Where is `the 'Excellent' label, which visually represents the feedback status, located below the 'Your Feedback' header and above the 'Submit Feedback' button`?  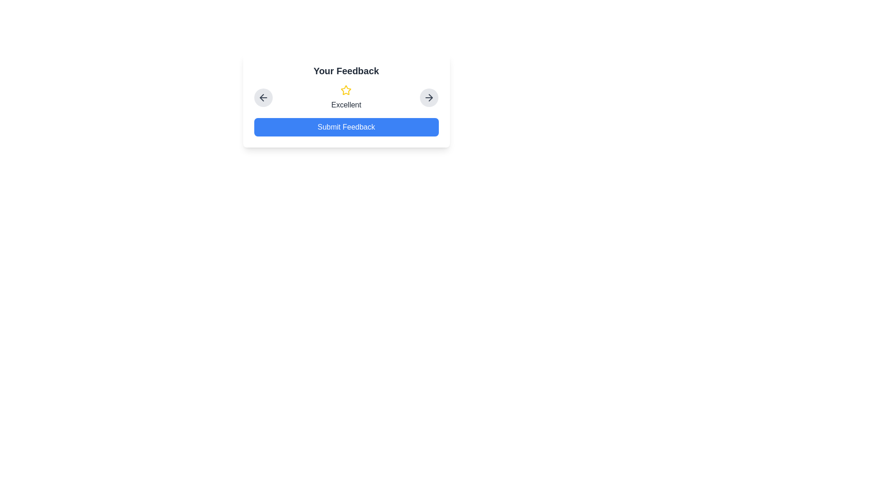 the 'Excellent' label, which visually represents the feedback status, located below the 'Your Feedback' header and above the 'Submit Feedback' button is located at coordinates (346, 98).